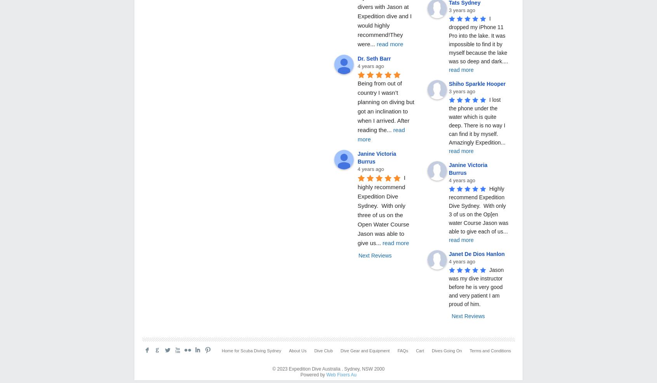 This screenshot has width=657, height=383. I want to click on 'Dr. Seth Barr', so click(374, 58).